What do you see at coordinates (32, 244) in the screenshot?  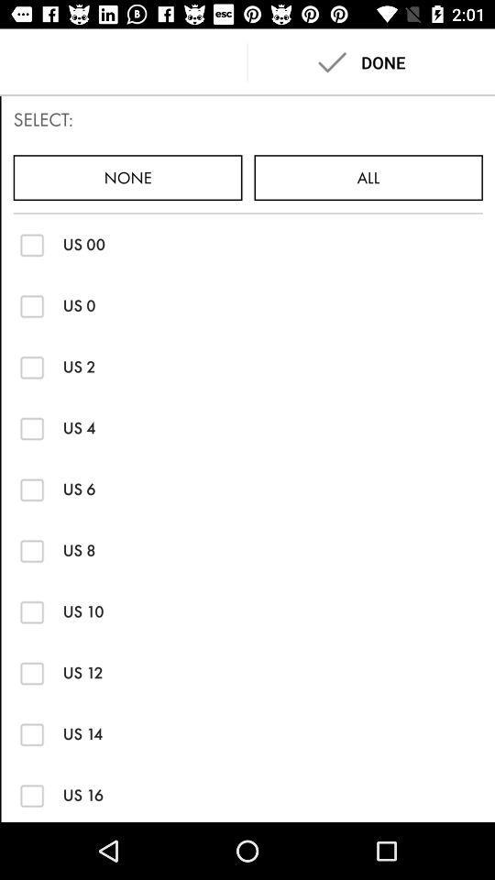 I see `this option` at bounding box center [32, 244].